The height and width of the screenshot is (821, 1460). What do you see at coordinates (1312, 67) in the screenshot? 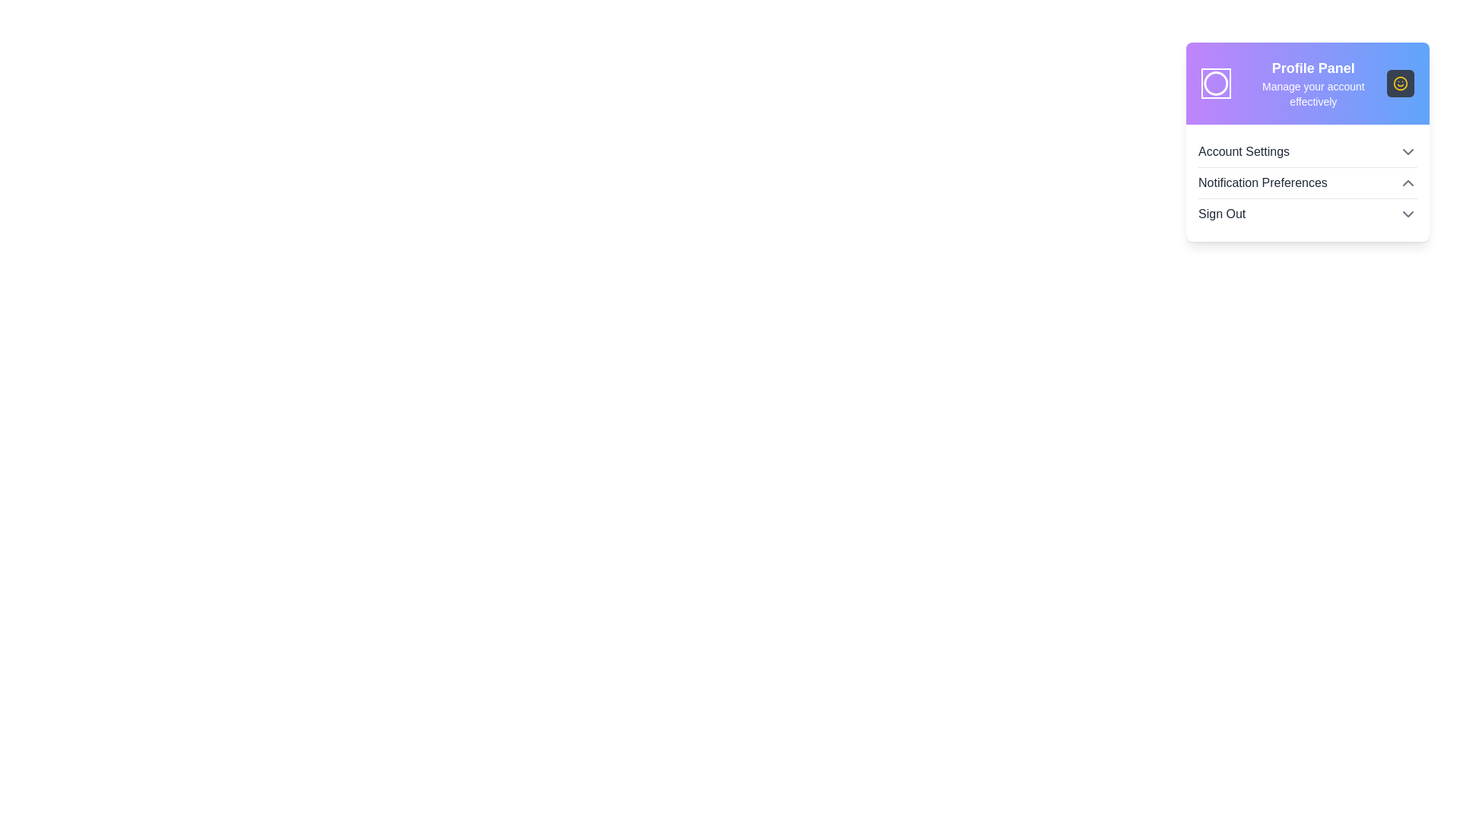
I see `the bold text label that reads 'Profile Panel', which is located at the top of a card or panel below a user profile image and next to an emoji, featuring a gradient background from purple to blue` at bounding box center [1312, 67].